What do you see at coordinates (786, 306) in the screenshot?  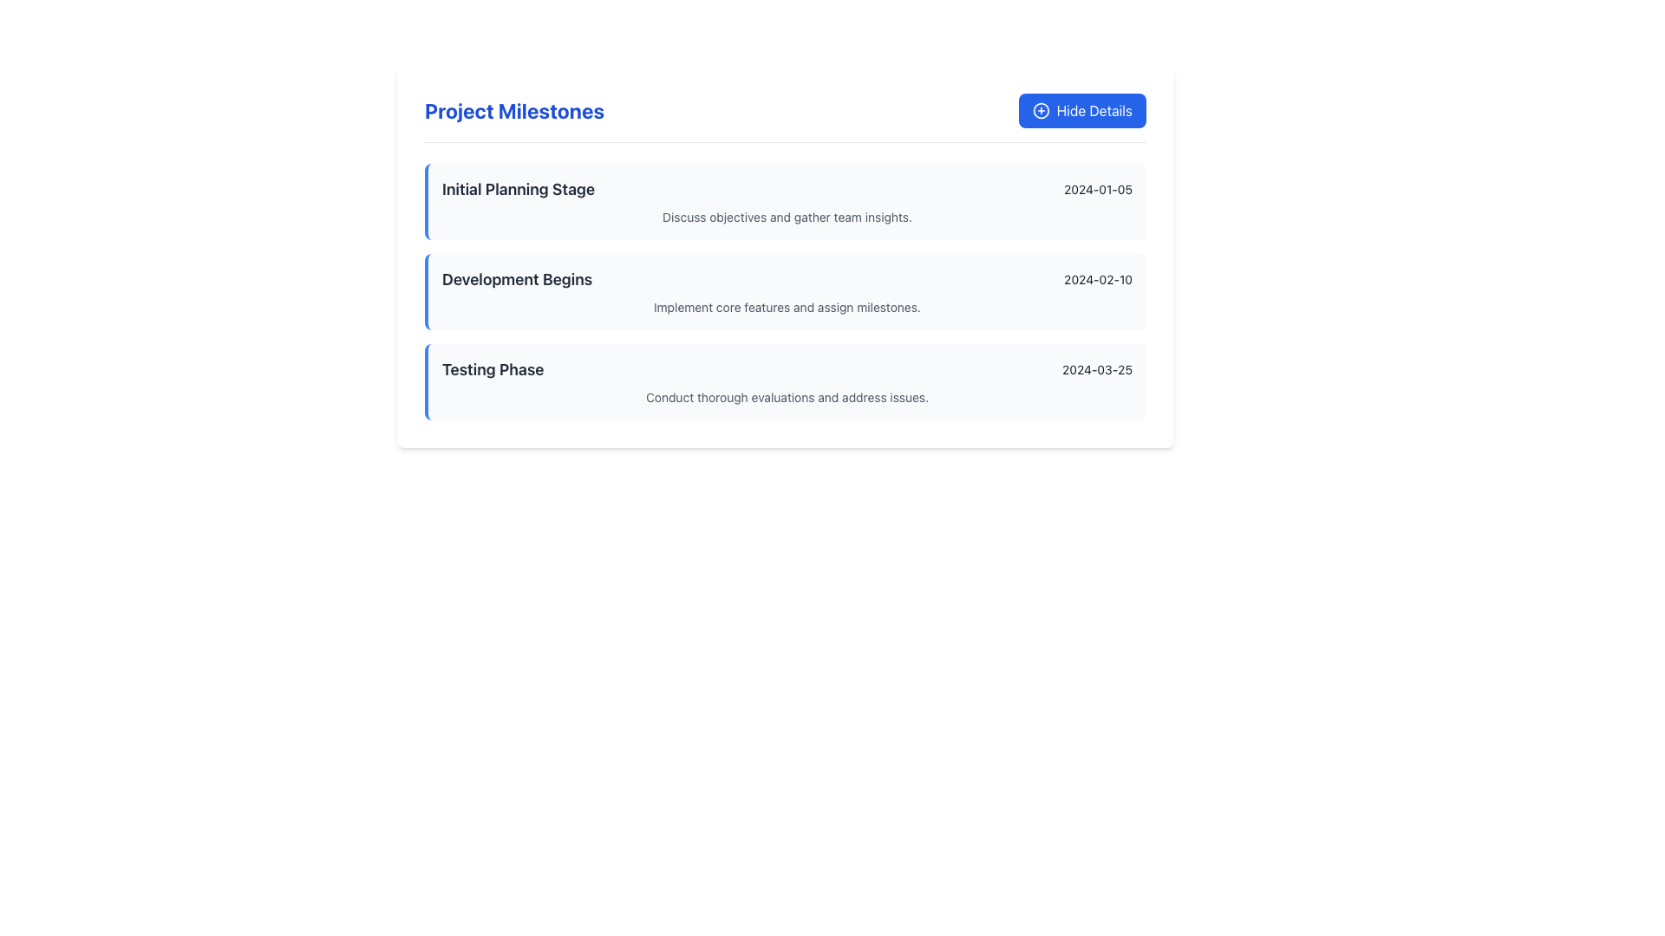 I see `the text component displaying the message 'Implement core features and assign milestones.' located in the second milestone card beneath the title 'Development Begins'` at bounding box center [786, 306].